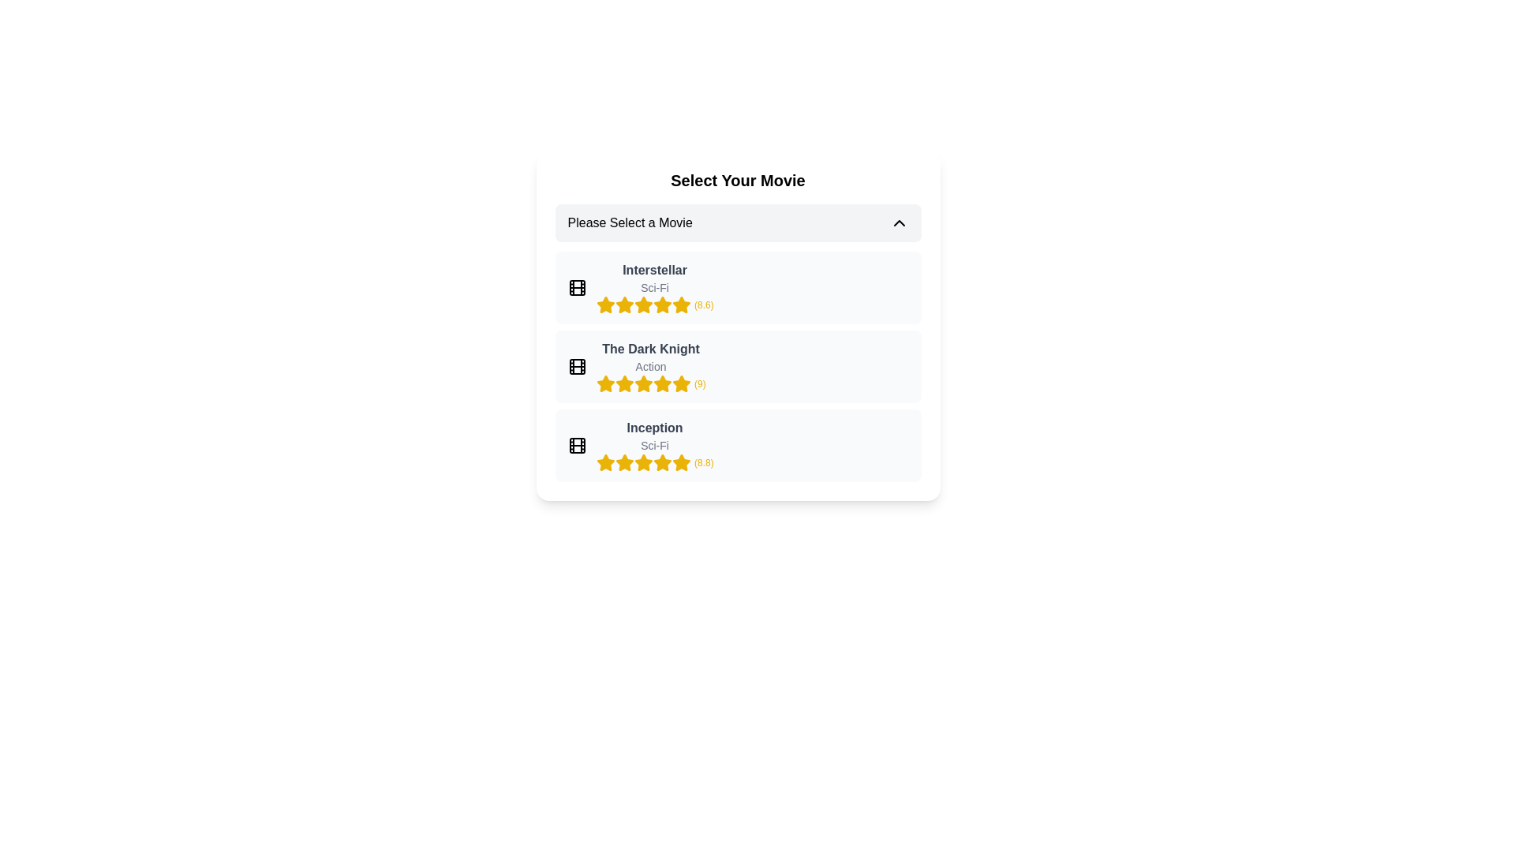 This screenshot has width=1515, height=852. Describe the element at coordinates (737, 367) in the screenshot. I see `the movie entry for 'The Dark Knight' in the selection list` at that location.